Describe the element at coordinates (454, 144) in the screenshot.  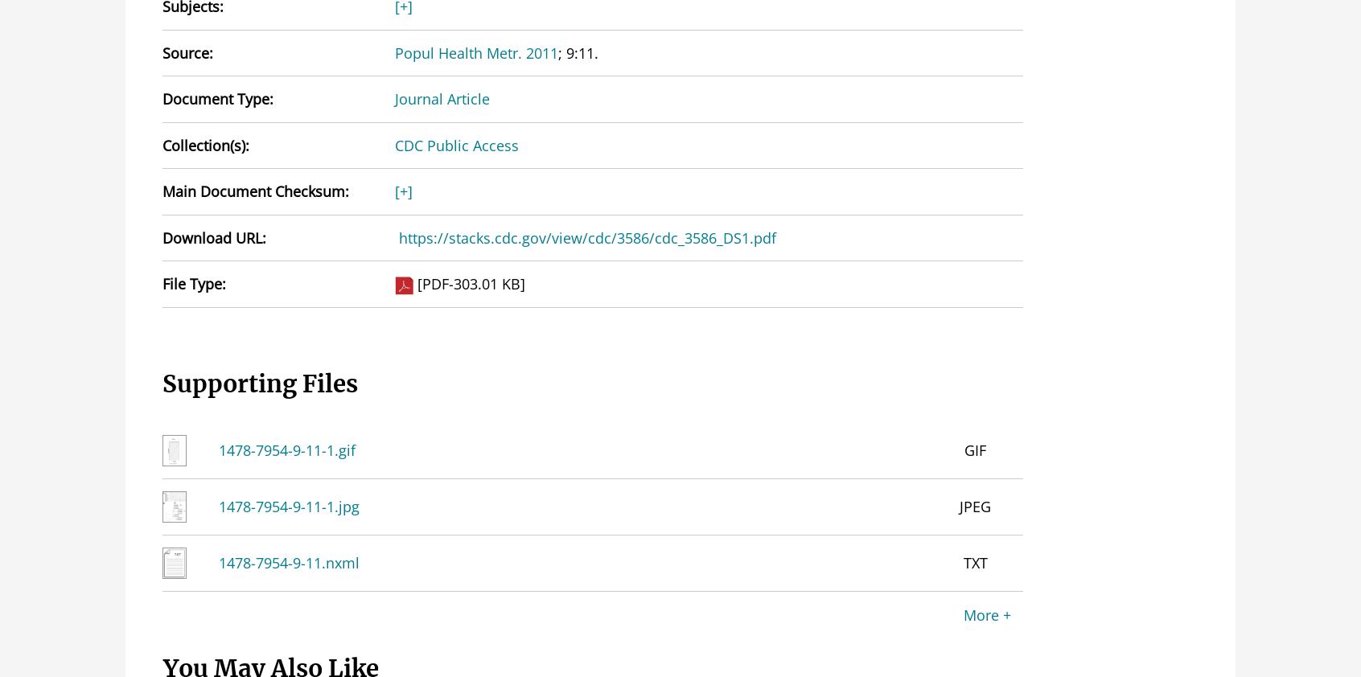
I see `'CDC Public Access'` at that location.